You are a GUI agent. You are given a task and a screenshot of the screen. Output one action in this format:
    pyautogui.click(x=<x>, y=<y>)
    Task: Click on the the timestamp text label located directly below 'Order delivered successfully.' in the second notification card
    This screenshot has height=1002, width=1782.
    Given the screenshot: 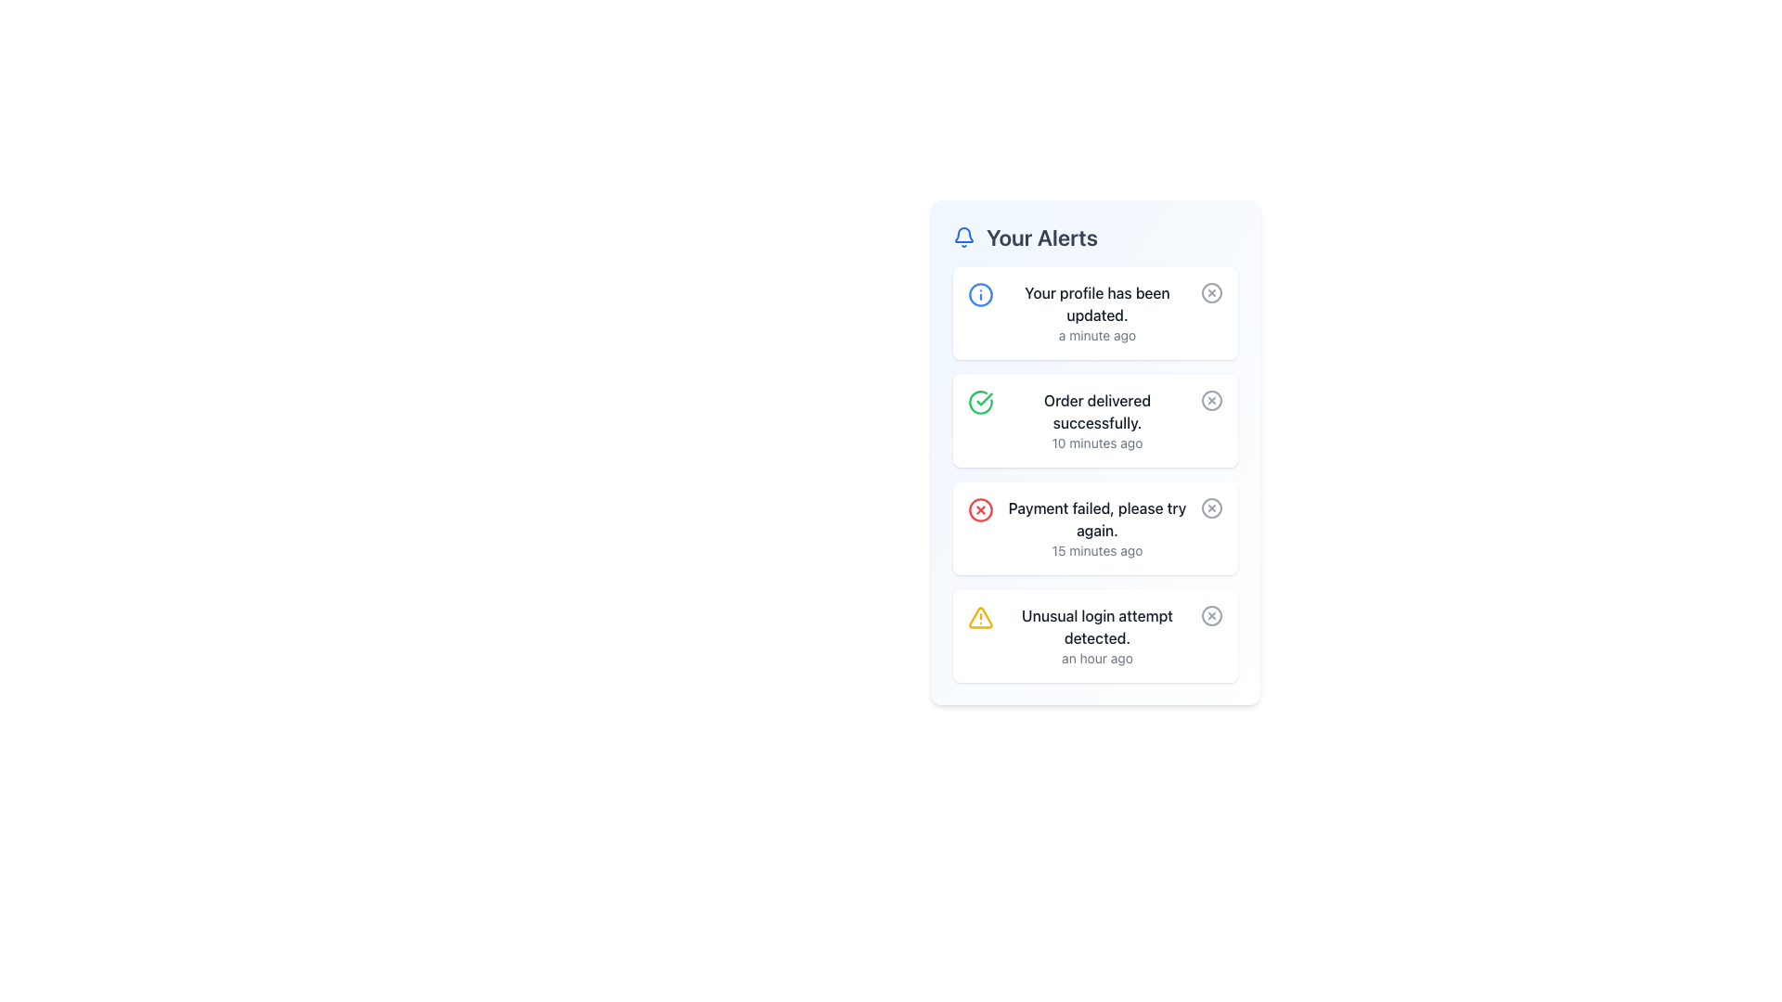 What is the action you would take?
    pyautogui.click(x=1097, y=443)
    